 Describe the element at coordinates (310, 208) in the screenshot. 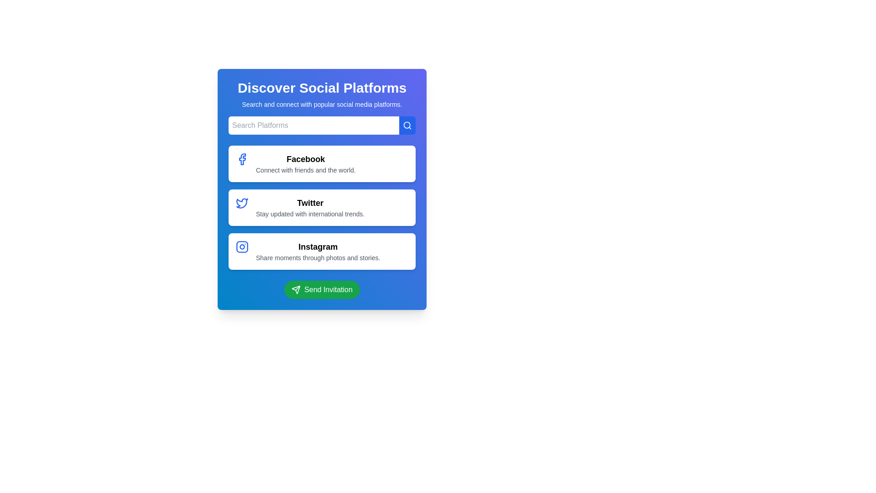

I see `the informational Text Display about the social media platform Twitter, which is located in the middle section of the layout panel, positioned between Facebook and Instagram` at that location.